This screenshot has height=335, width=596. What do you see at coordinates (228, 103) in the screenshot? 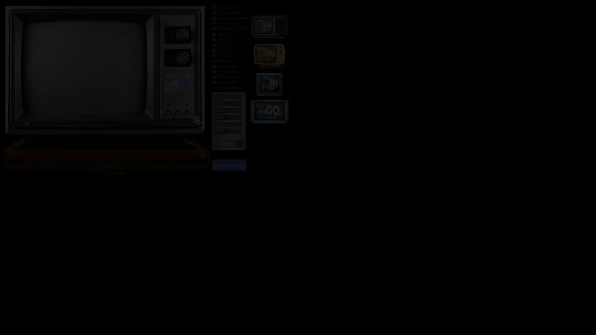
I see `CH` at bounding box center [228, 103].